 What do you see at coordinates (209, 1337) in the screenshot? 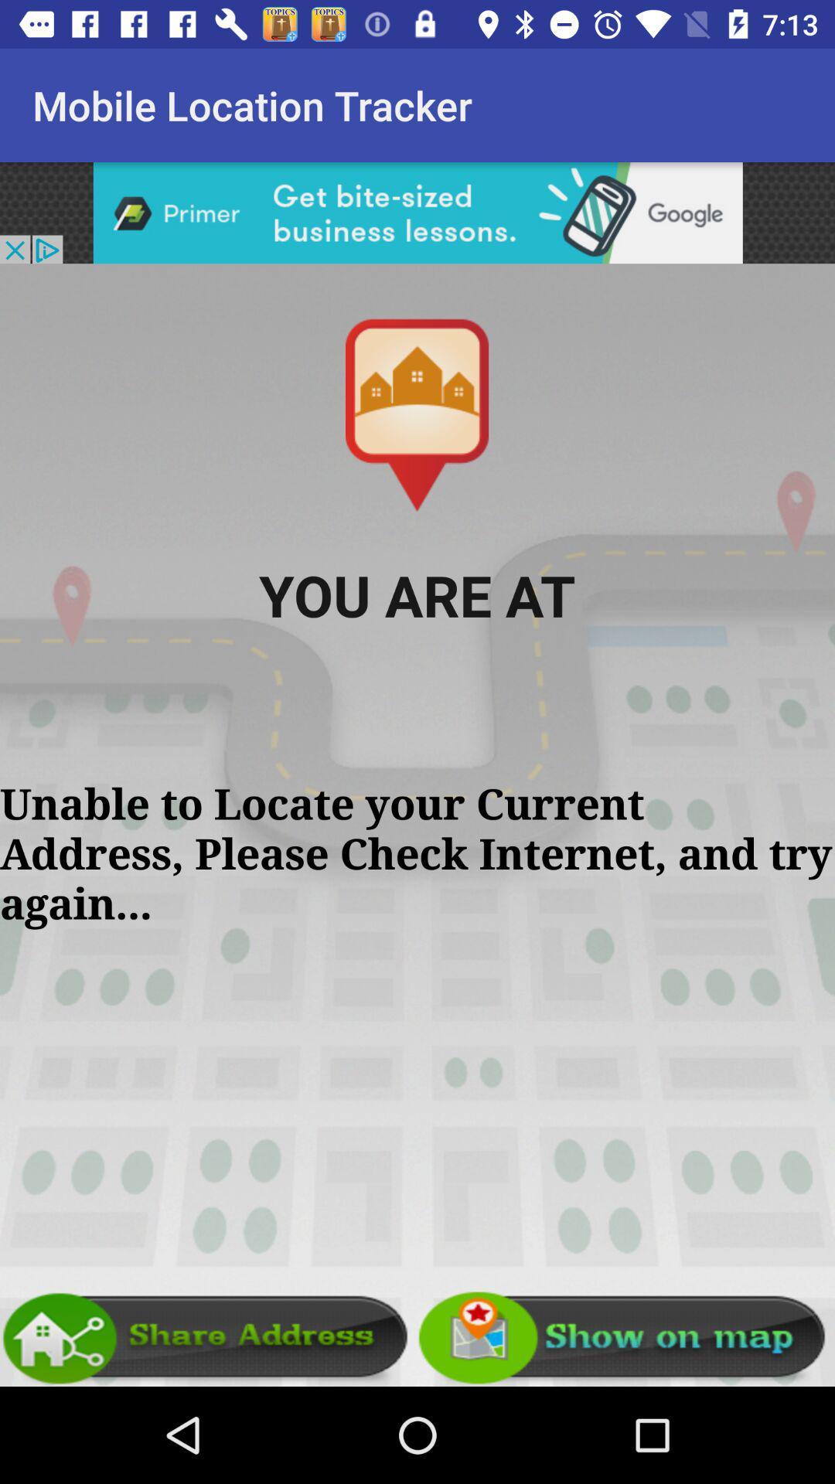
I see `the share address` at bounding box center [209, 1337].